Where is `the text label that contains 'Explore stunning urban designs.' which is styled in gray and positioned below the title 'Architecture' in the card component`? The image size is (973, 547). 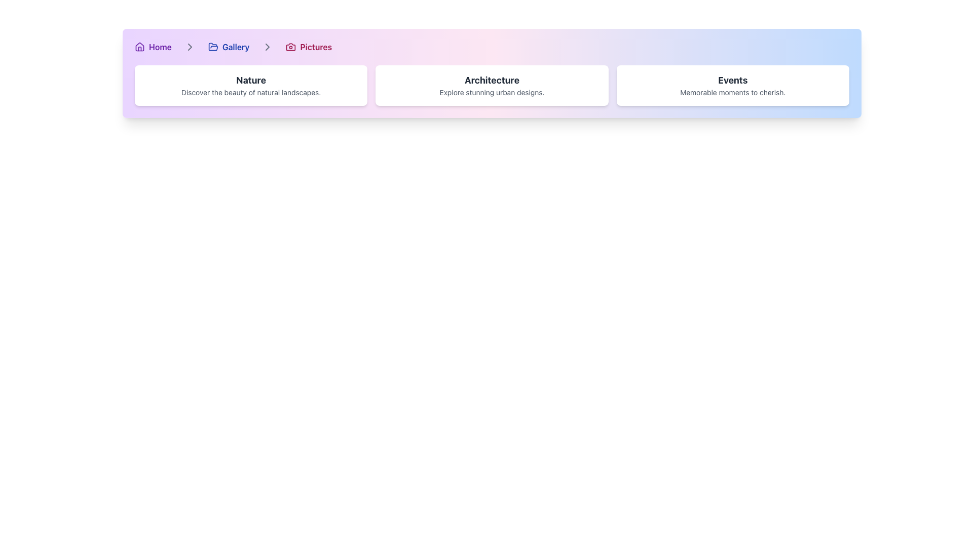
the text label that contains 'Explore stunning urban designs.' which is styled in gray and positioned below the title 'Architecture' in the card component is located at coordinates (492, 92).